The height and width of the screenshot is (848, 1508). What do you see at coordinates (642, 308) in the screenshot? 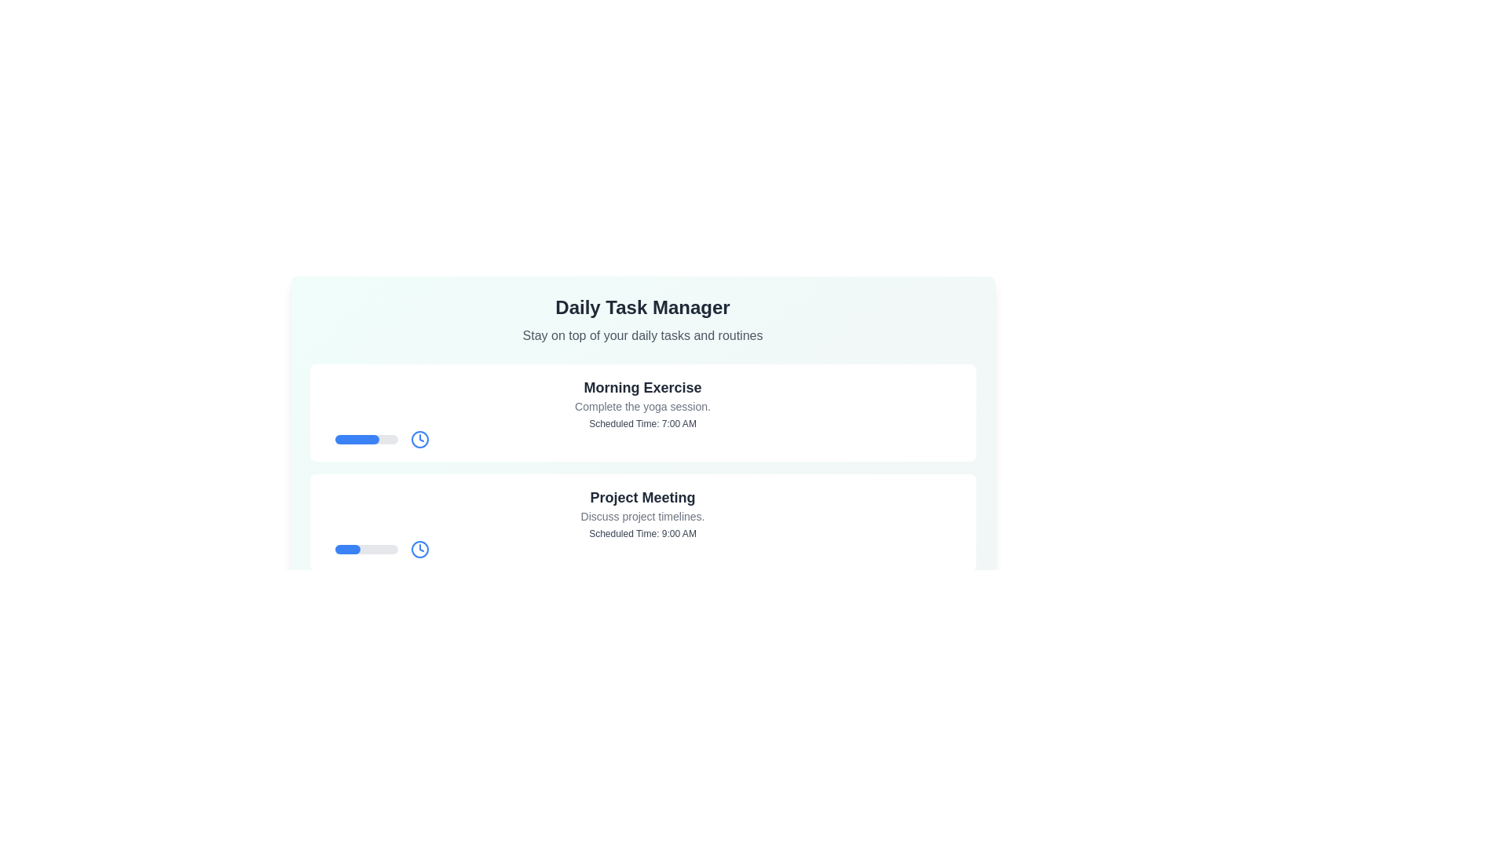
I see `the Text Header element displaying 'Daily Task Manager', which is bold and centrally positioned at the top of the interface` at bounding box center [642, 308].